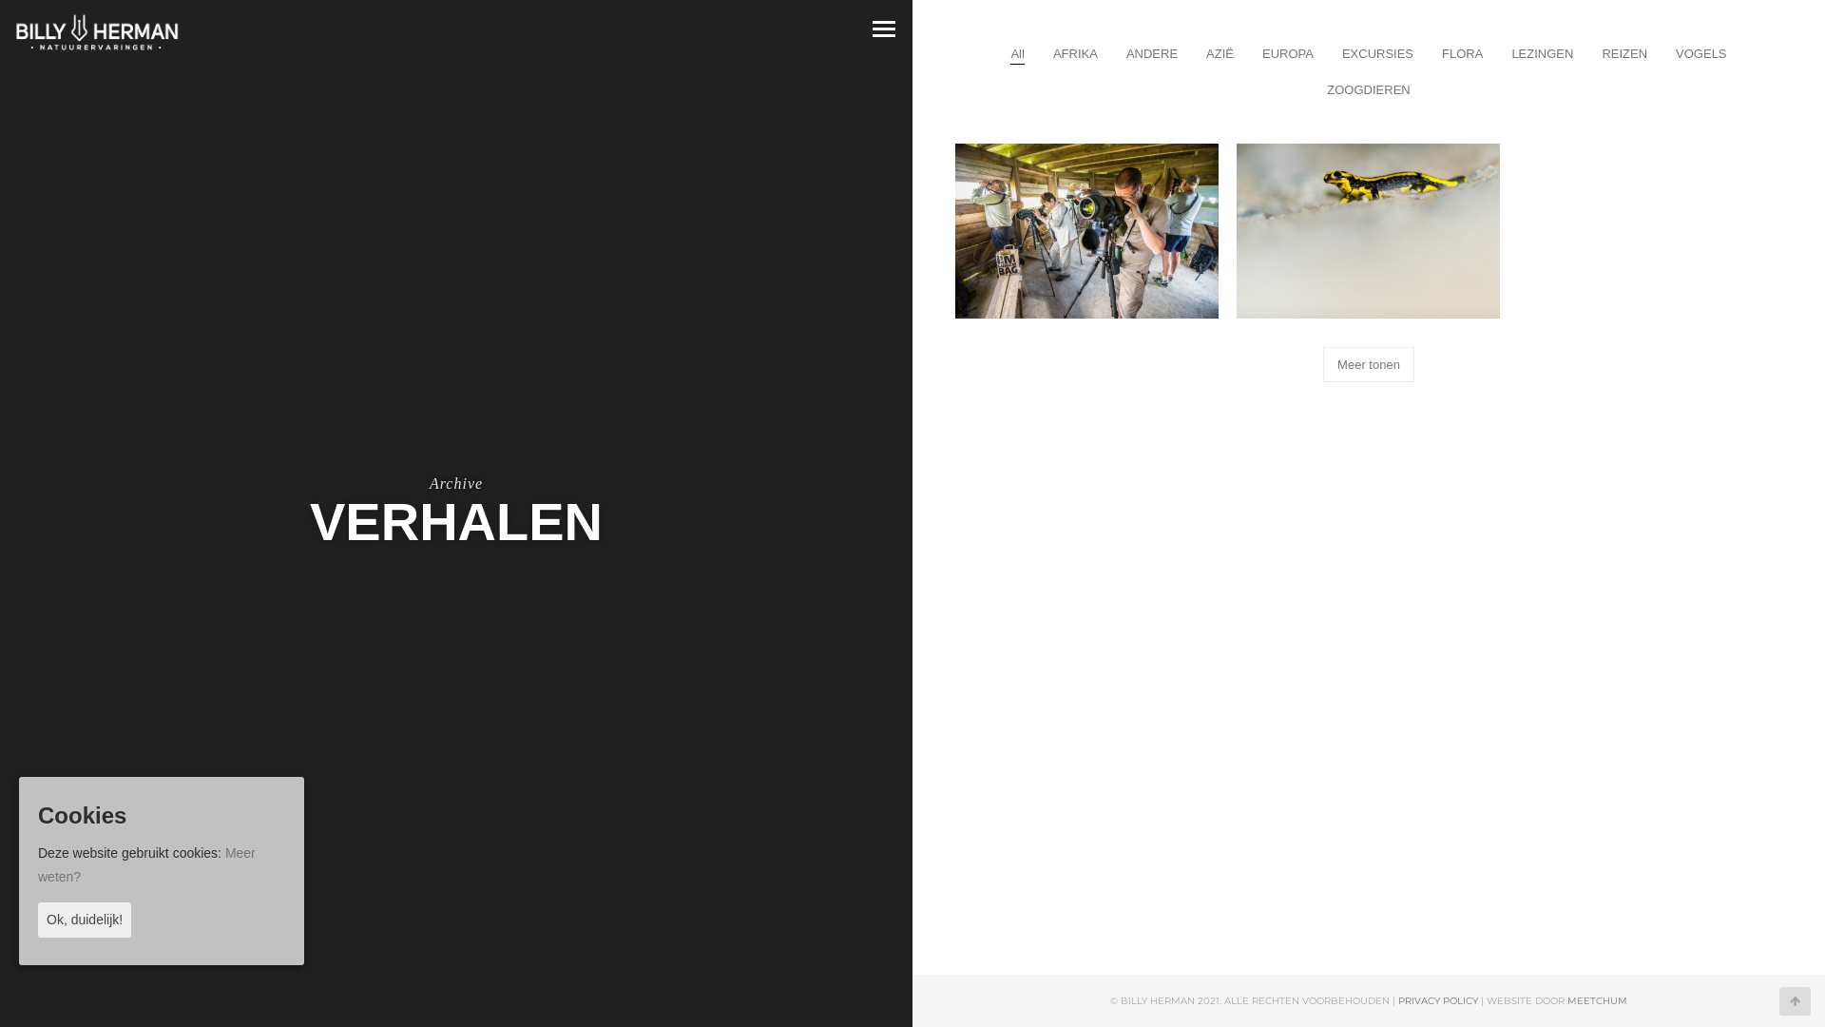  I want to click on 'MEETCHUM', so click(1597, 999).